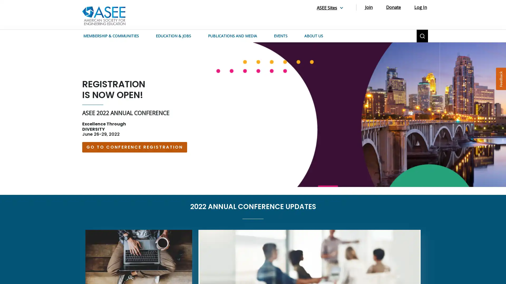 The width and height of the screenshot is (506, 284). I want to click on EVENTS, so click(284, 36).